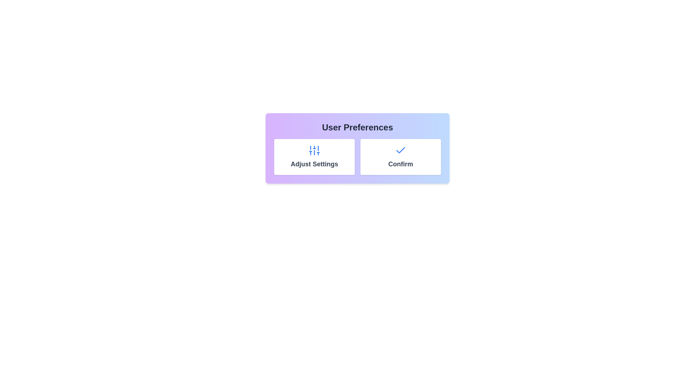 This screenshot has width=690, height=388. Describe the element at coordinates (314, 164) in the screenshot. I see `the label displaying 'Adjust Settings' which is styled in bold dark gray font, located at the bottom part of the left card under 'User Preferences'` at that location.